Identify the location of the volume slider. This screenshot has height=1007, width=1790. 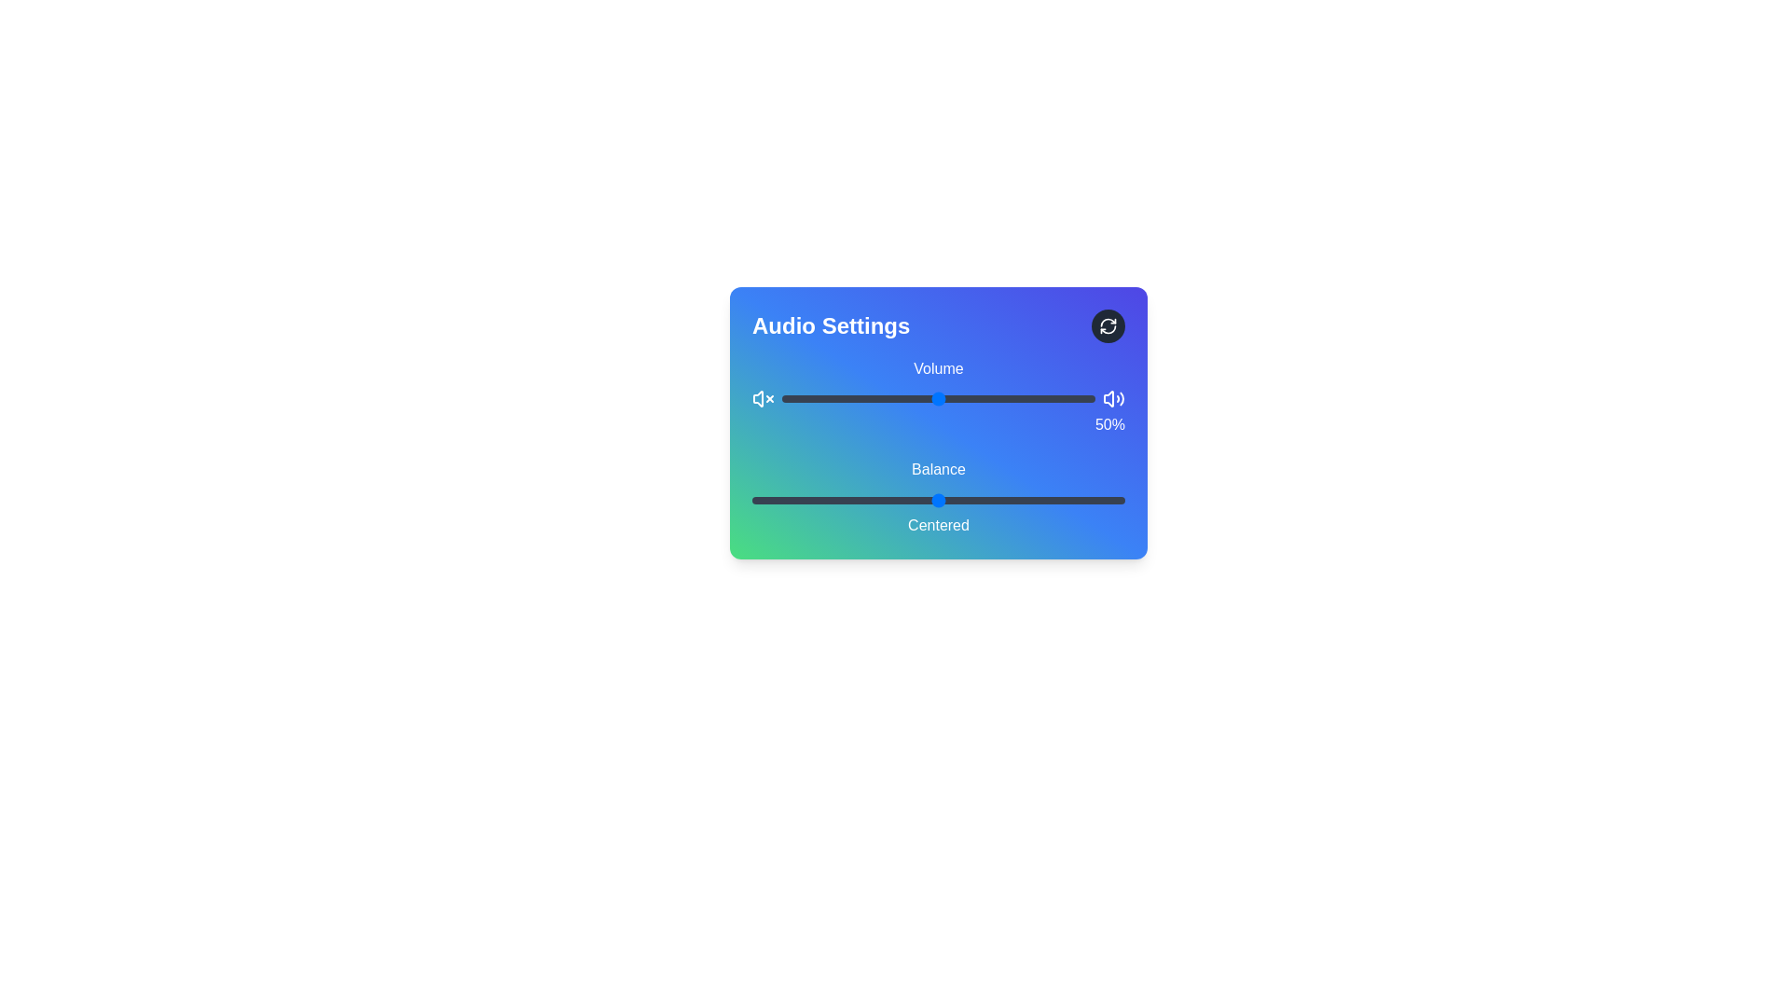
(825, 398).